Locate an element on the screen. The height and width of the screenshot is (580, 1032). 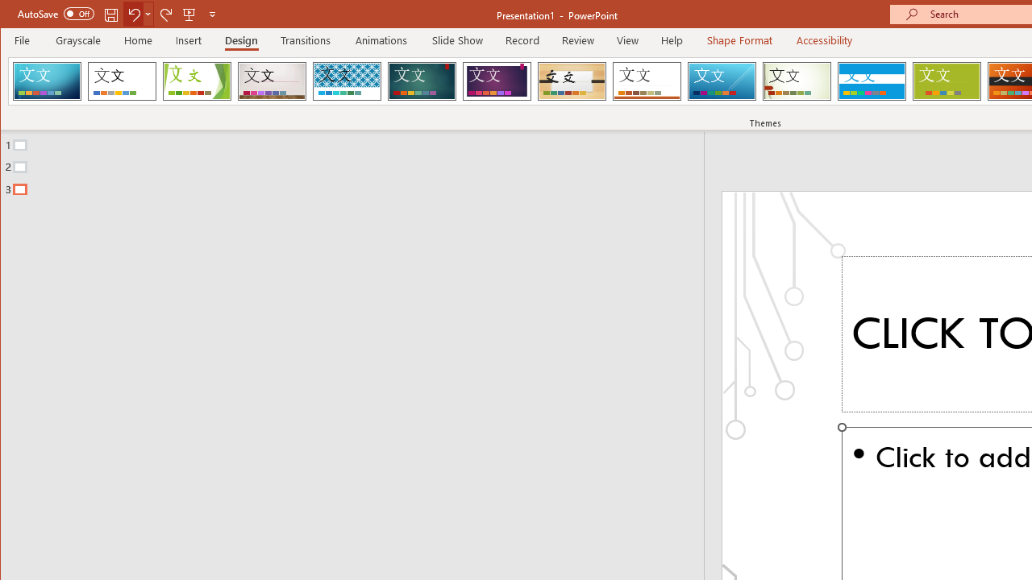
'Facet' is located at coordinates (196, 81).